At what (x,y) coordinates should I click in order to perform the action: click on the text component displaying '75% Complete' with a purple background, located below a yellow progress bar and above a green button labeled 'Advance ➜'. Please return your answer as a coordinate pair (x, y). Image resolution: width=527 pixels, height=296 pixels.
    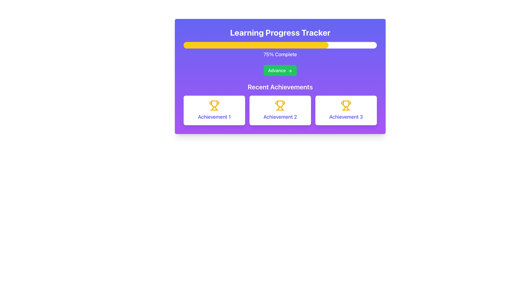
    Looking at the image, I should click on (280, 55).